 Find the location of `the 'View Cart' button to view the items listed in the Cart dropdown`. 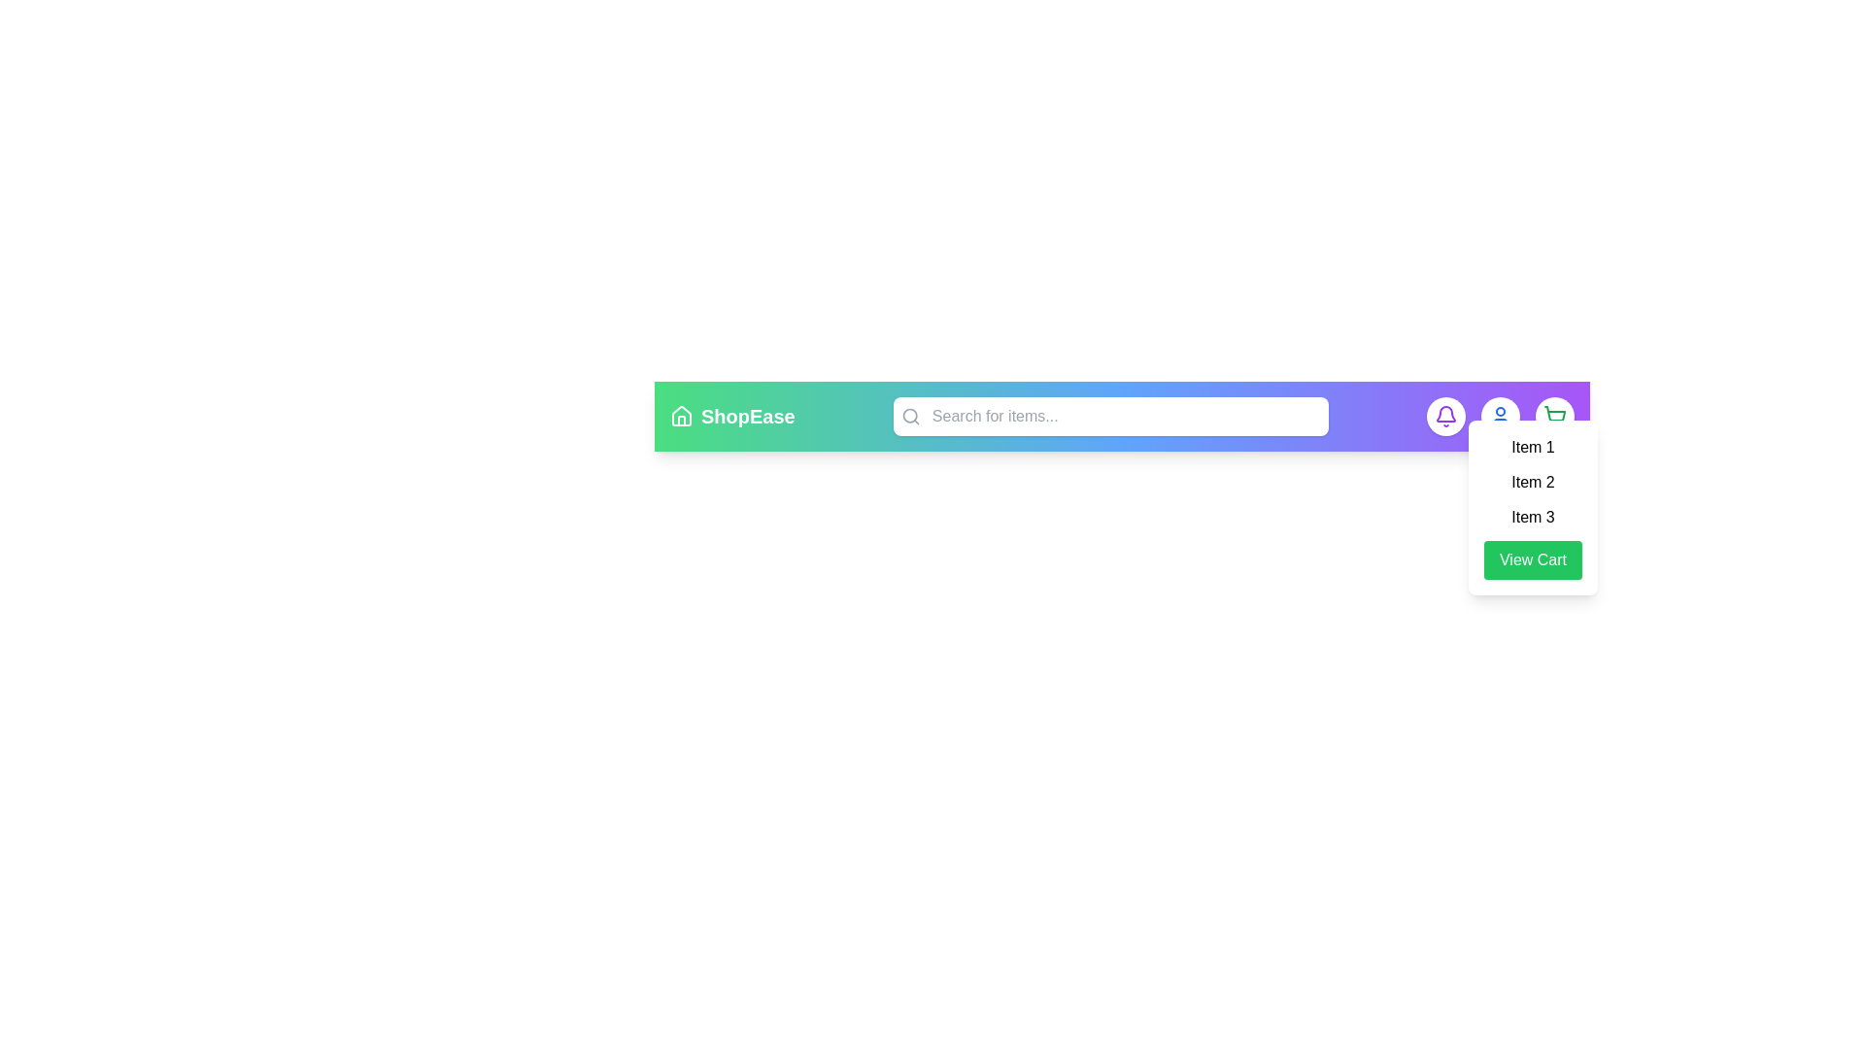

the 'View Cart' button to view the items listed in the Cart dropdown is located at coordinates (1532, 560).